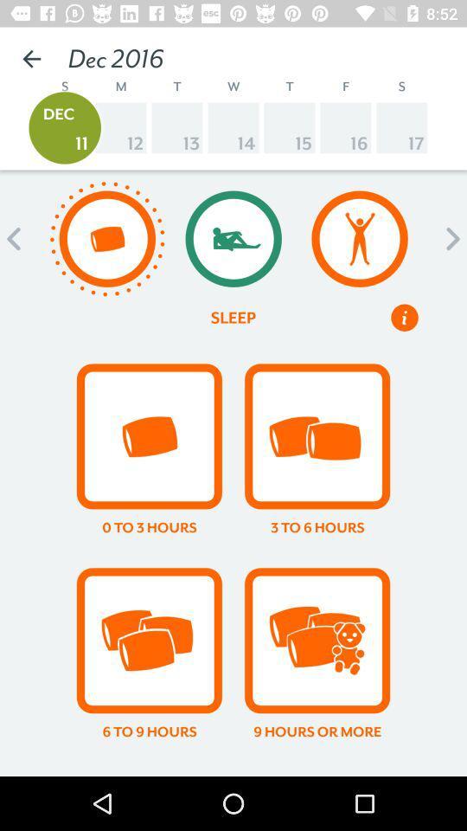  Describe the element at coordinates (17, 238) in the screenshot. I see `the arrow_backward icon` at that location.